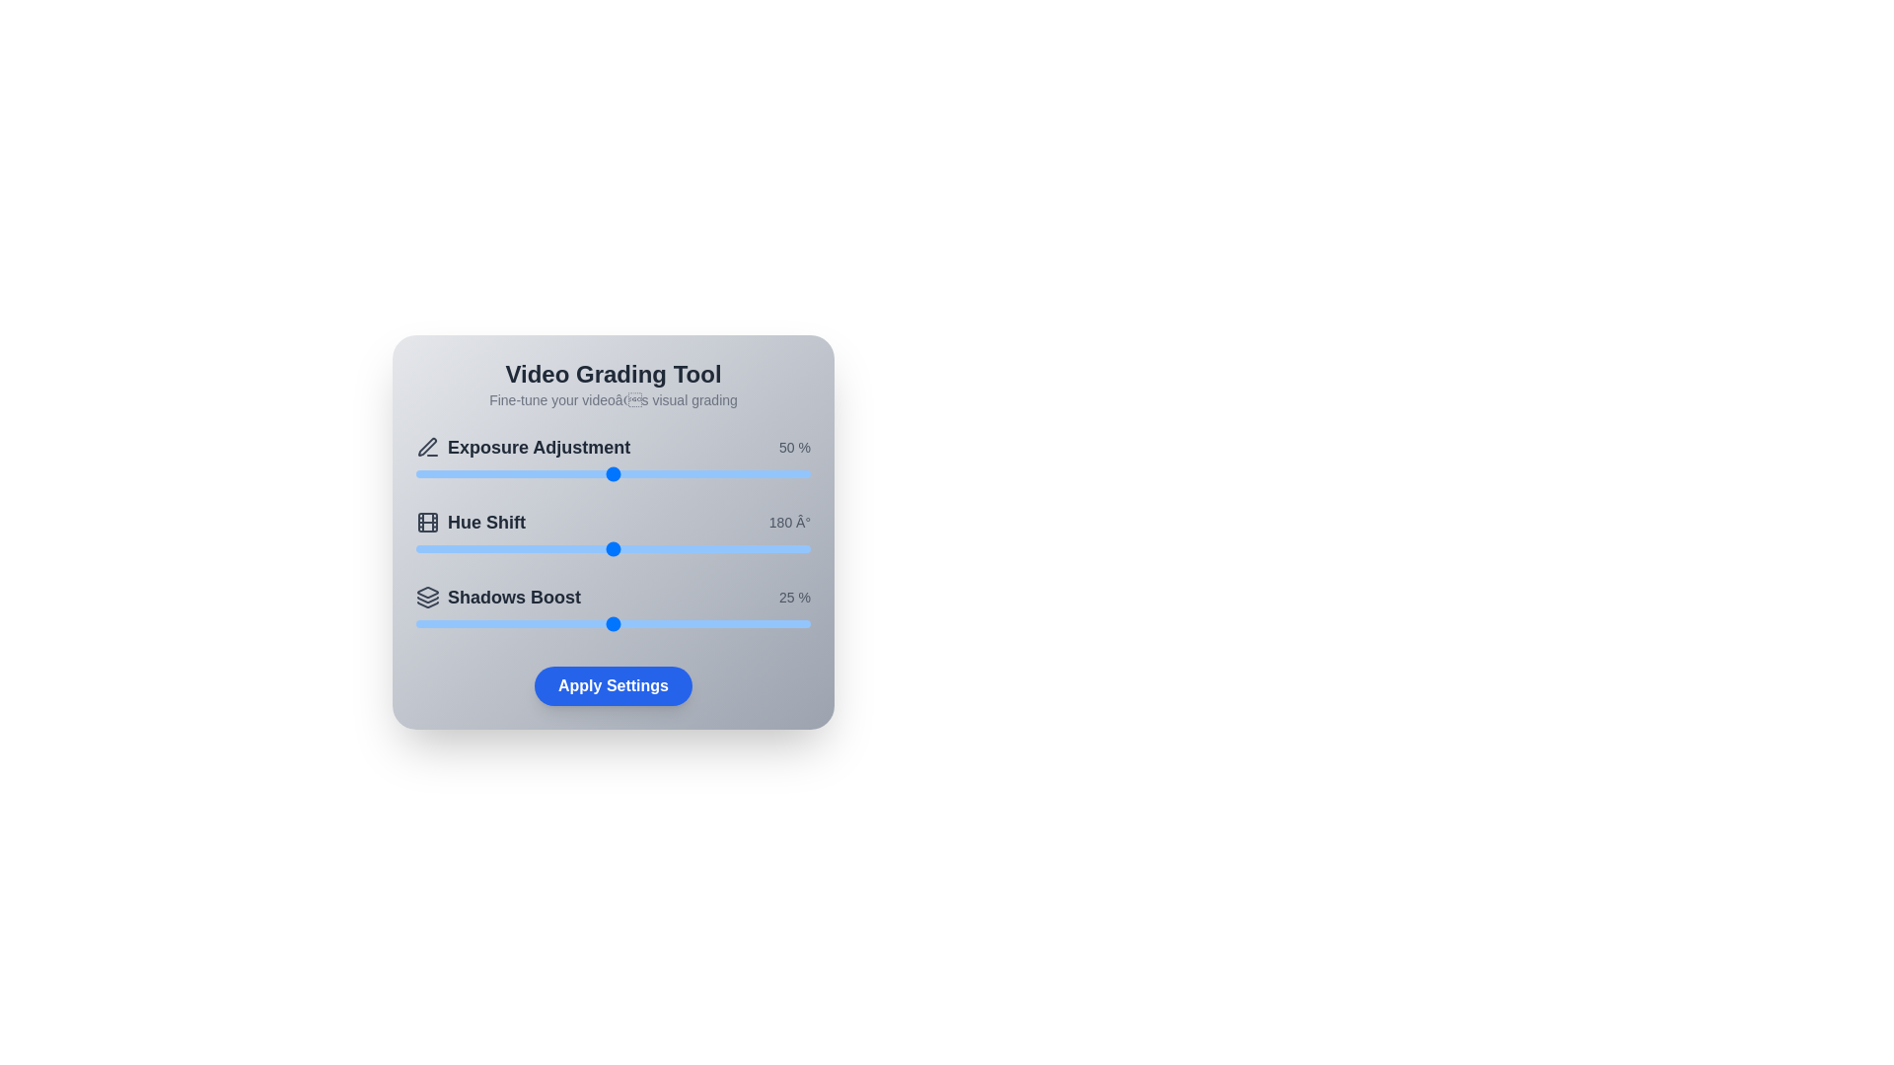  What do you see at coordinates (596, 623) in the screenshot?
I see `the 'Shadows Boost' slider` at bounding box center [596, 623].